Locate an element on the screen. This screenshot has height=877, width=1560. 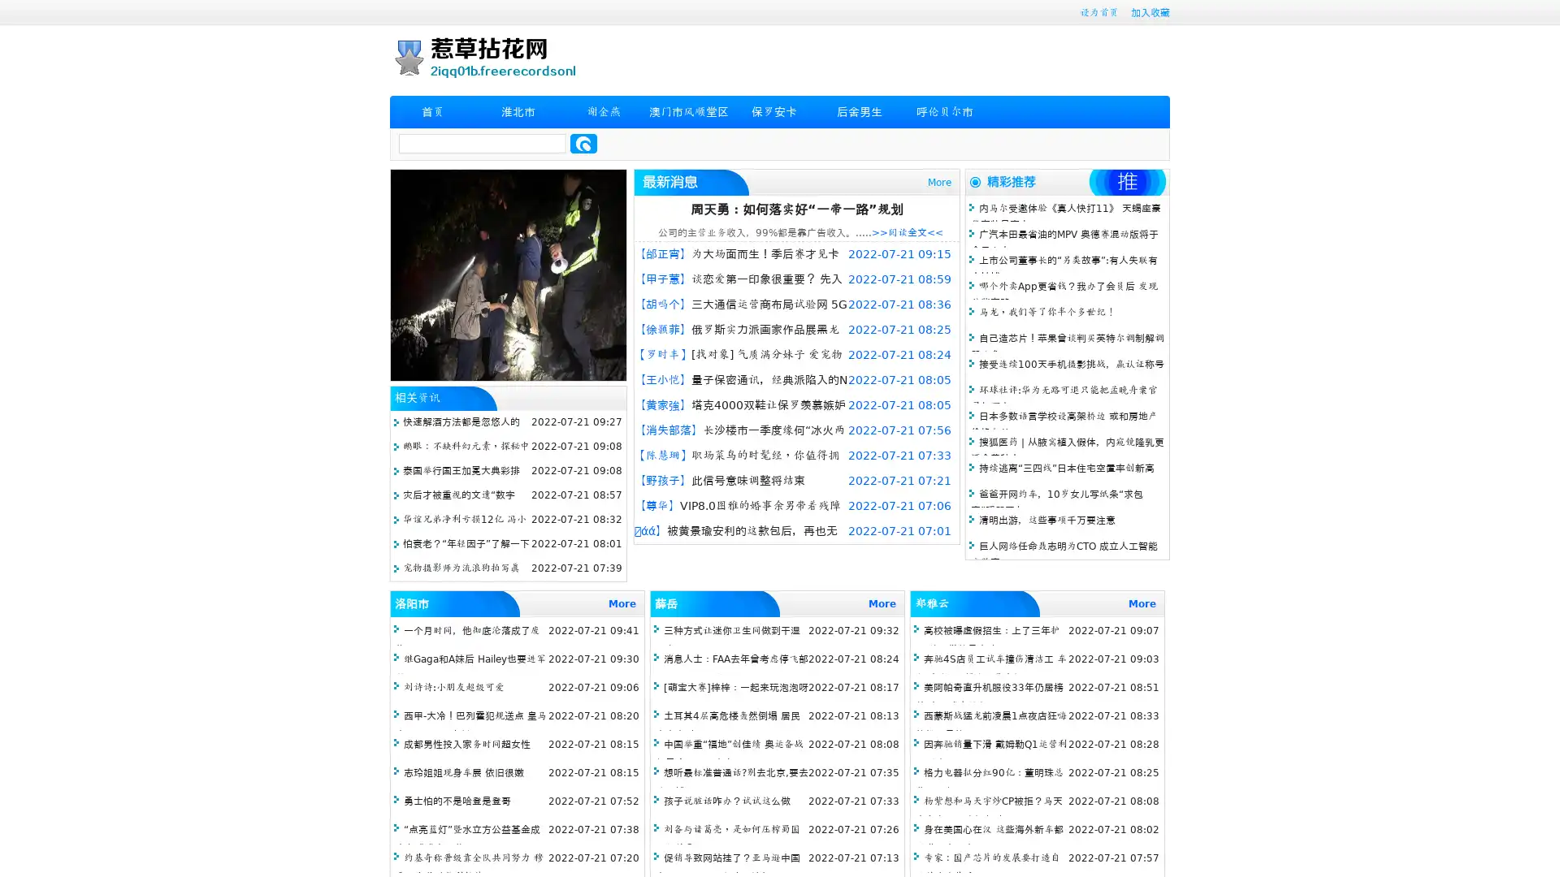
Search is located at coordinates (583, 143).